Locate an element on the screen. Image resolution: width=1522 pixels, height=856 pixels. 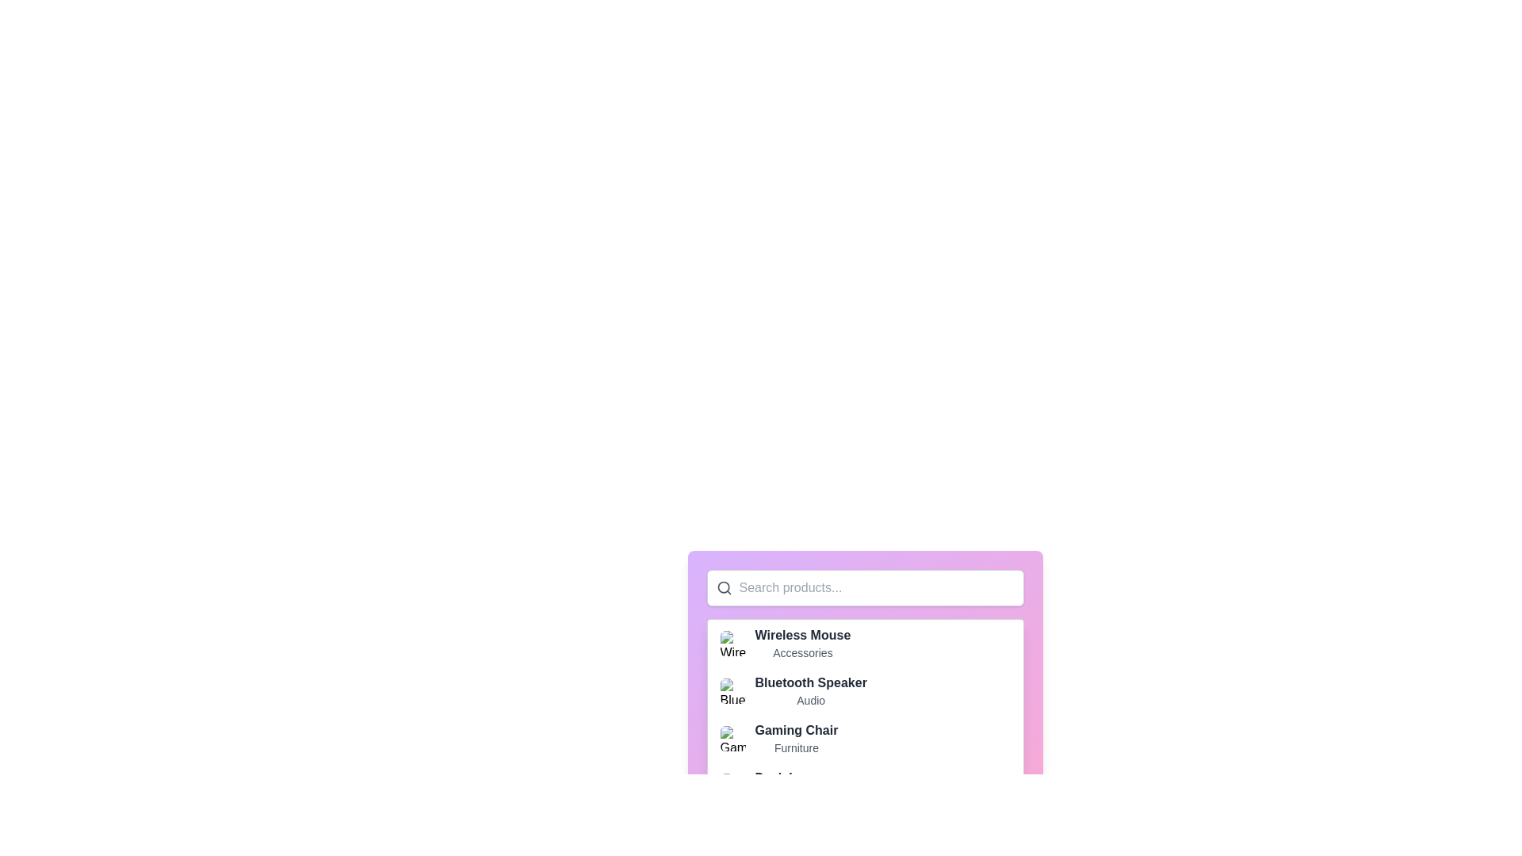
and drop the image thumbnail for 'Gaming Chair' is located at coordinates (732, 739).